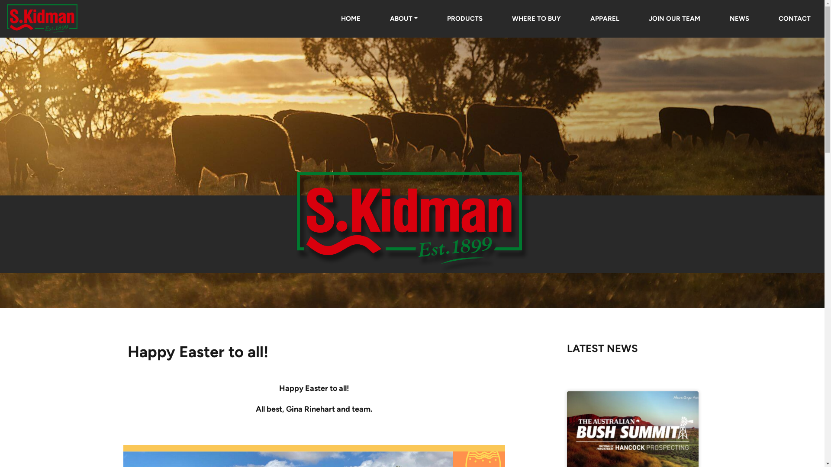 This screenshot has height=467, width=831. What do you see at coordinates (403, 18) in the screenshot?
I see `'ABOUT'` at bounding box center [403, 18].